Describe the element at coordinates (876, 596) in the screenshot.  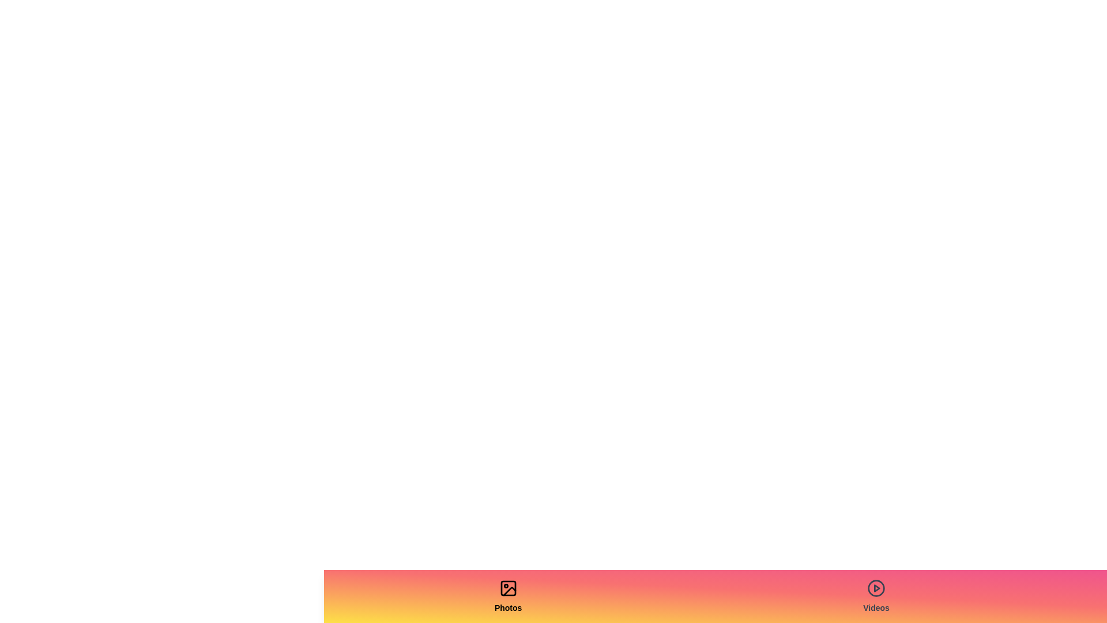
I see `the tab labeled Videos to observe its hover animation effect` at that location.